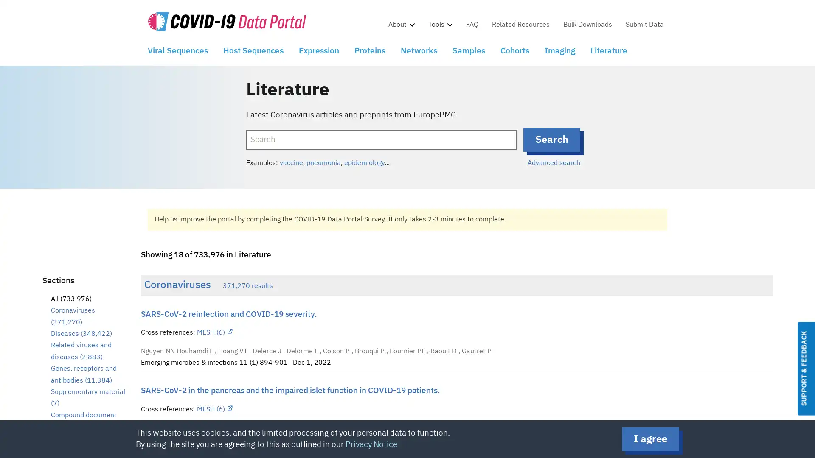  Describe the element at coordinates (551, 140) in the screenshot. I see `Search` at that location.